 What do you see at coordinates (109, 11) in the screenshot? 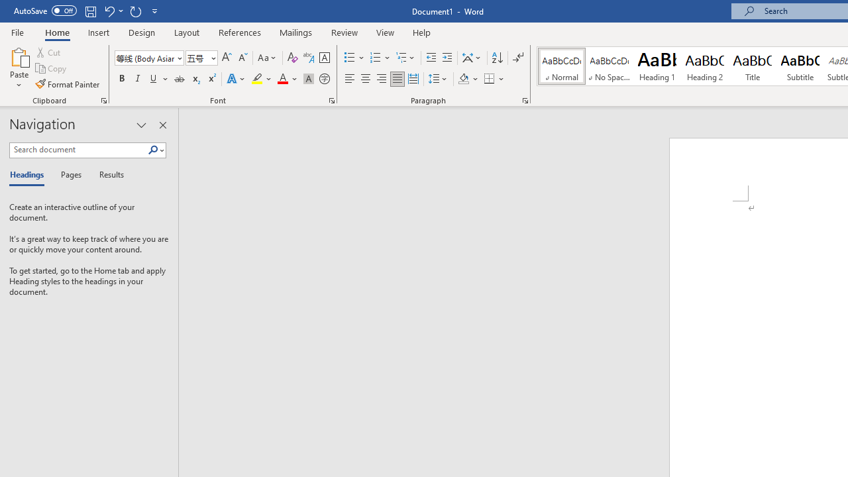
I see `'Undo Apply Quick Style'` at bounding box center [109, 11].